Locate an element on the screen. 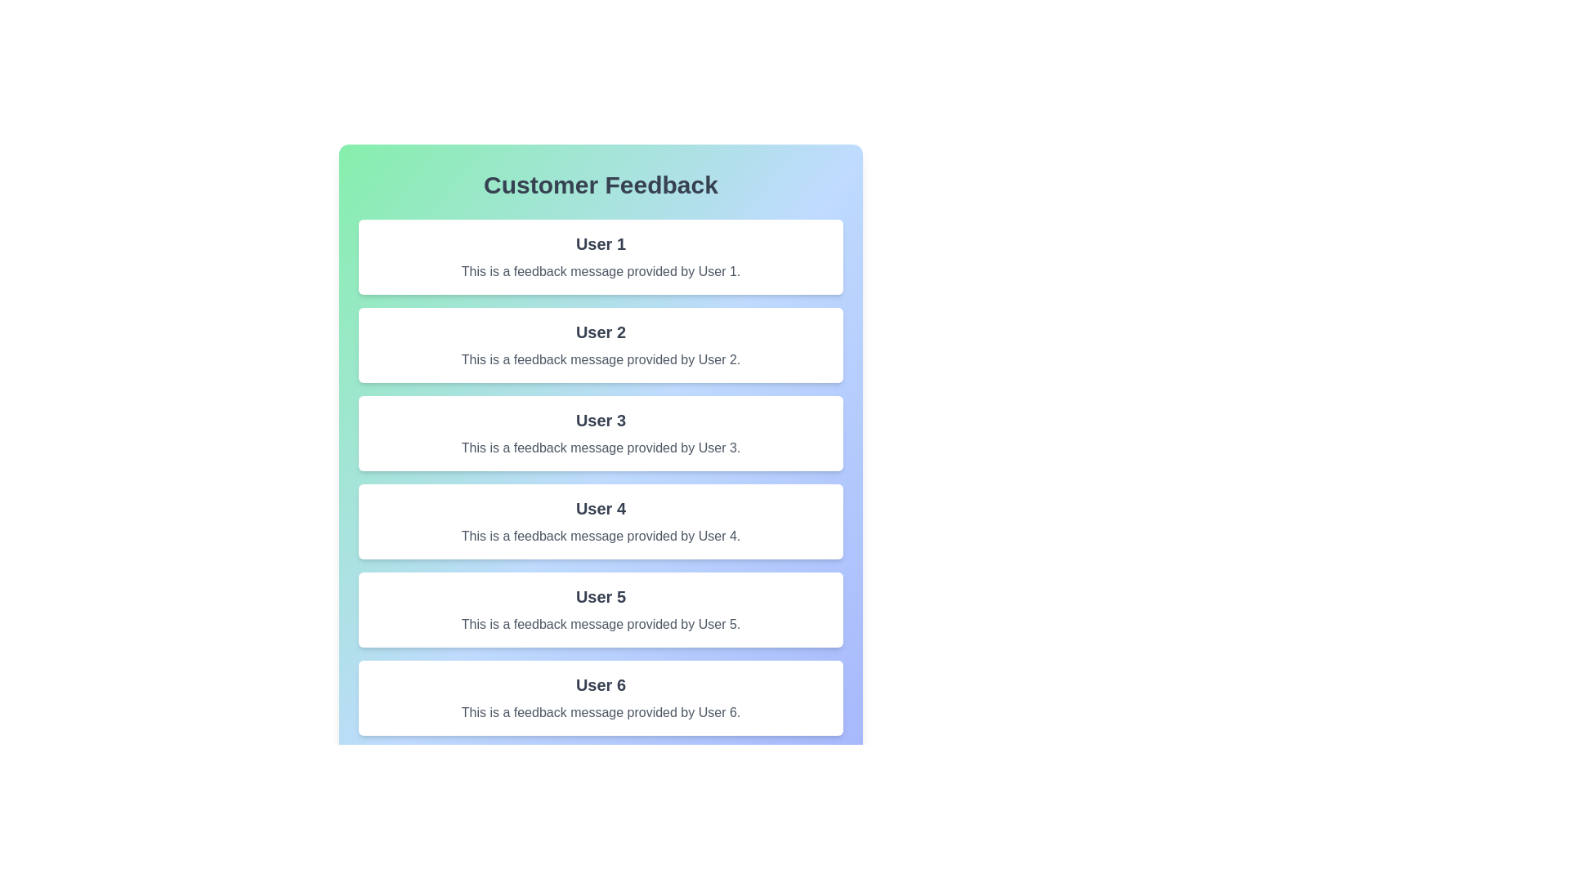 Image resolution: width=1569 pixels, height=882 pixels. the card element containing the title 'User 2' and the feedback message, which is the second rectangular section in a vertically stacked list is located at coordinates (600, 345).